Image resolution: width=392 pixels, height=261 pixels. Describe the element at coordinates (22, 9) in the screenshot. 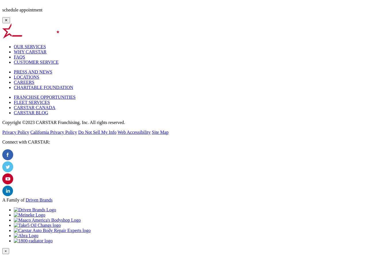

I see `'schedule appointment'` at that location.